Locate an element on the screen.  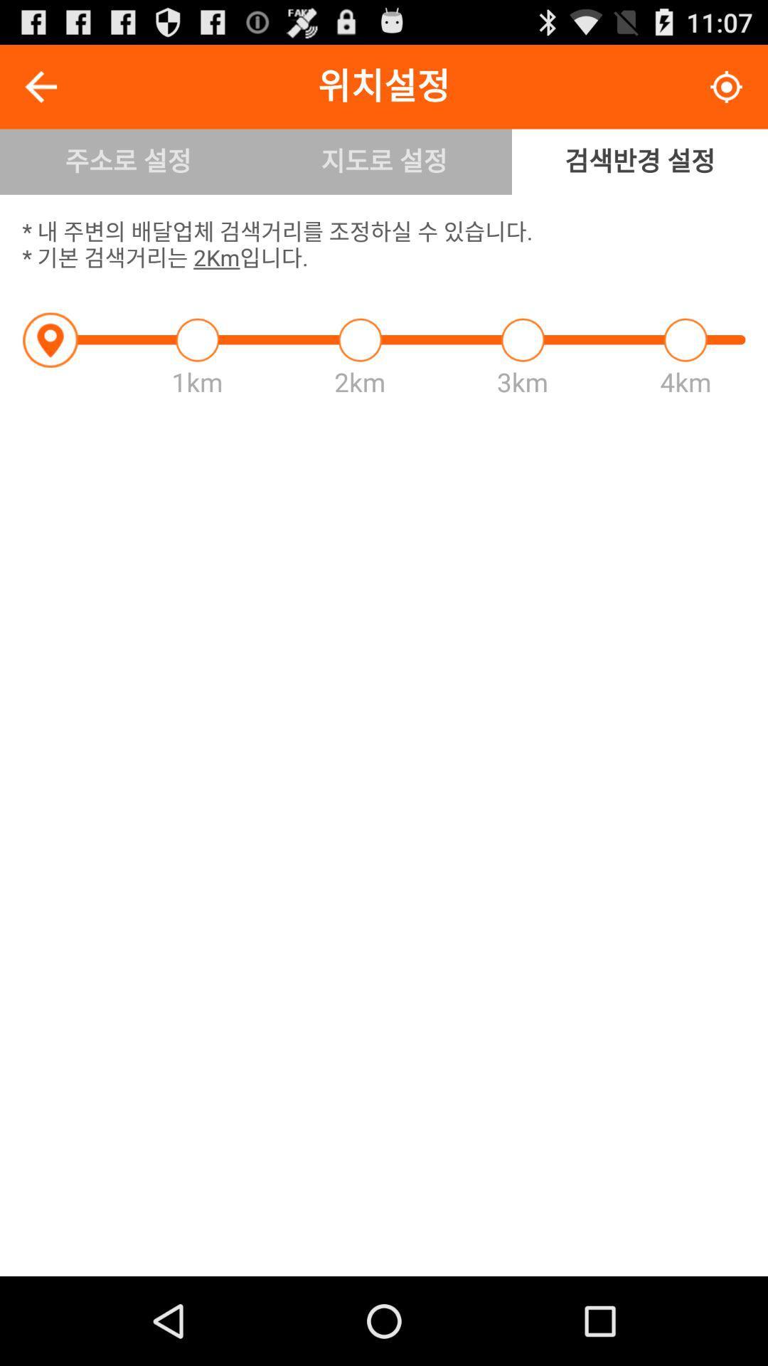
the location_crosshair icon is located at coordinates (726, 92).